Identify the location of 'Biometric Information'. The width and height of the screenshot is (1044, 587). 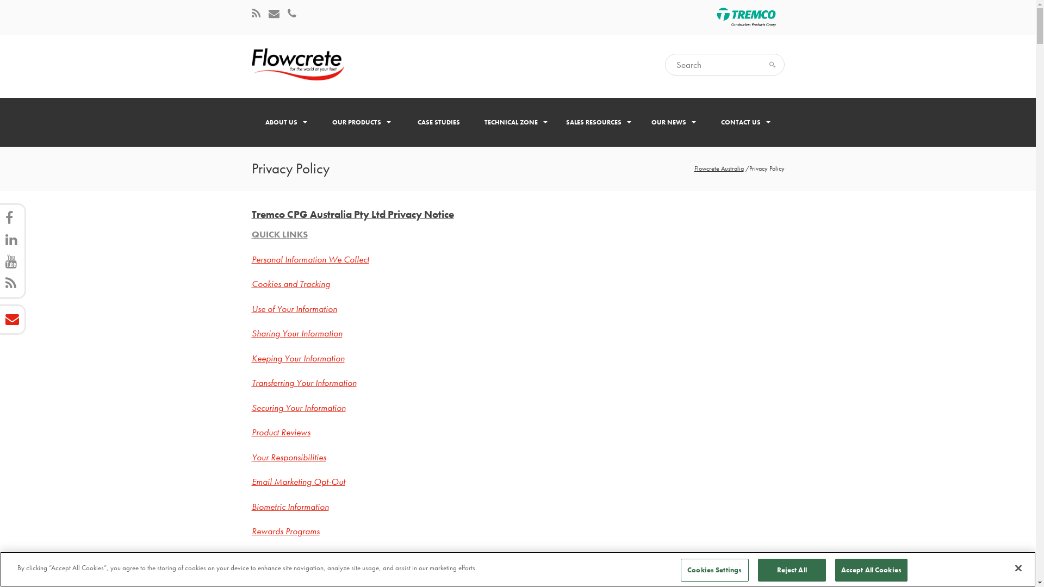
(289, 507).